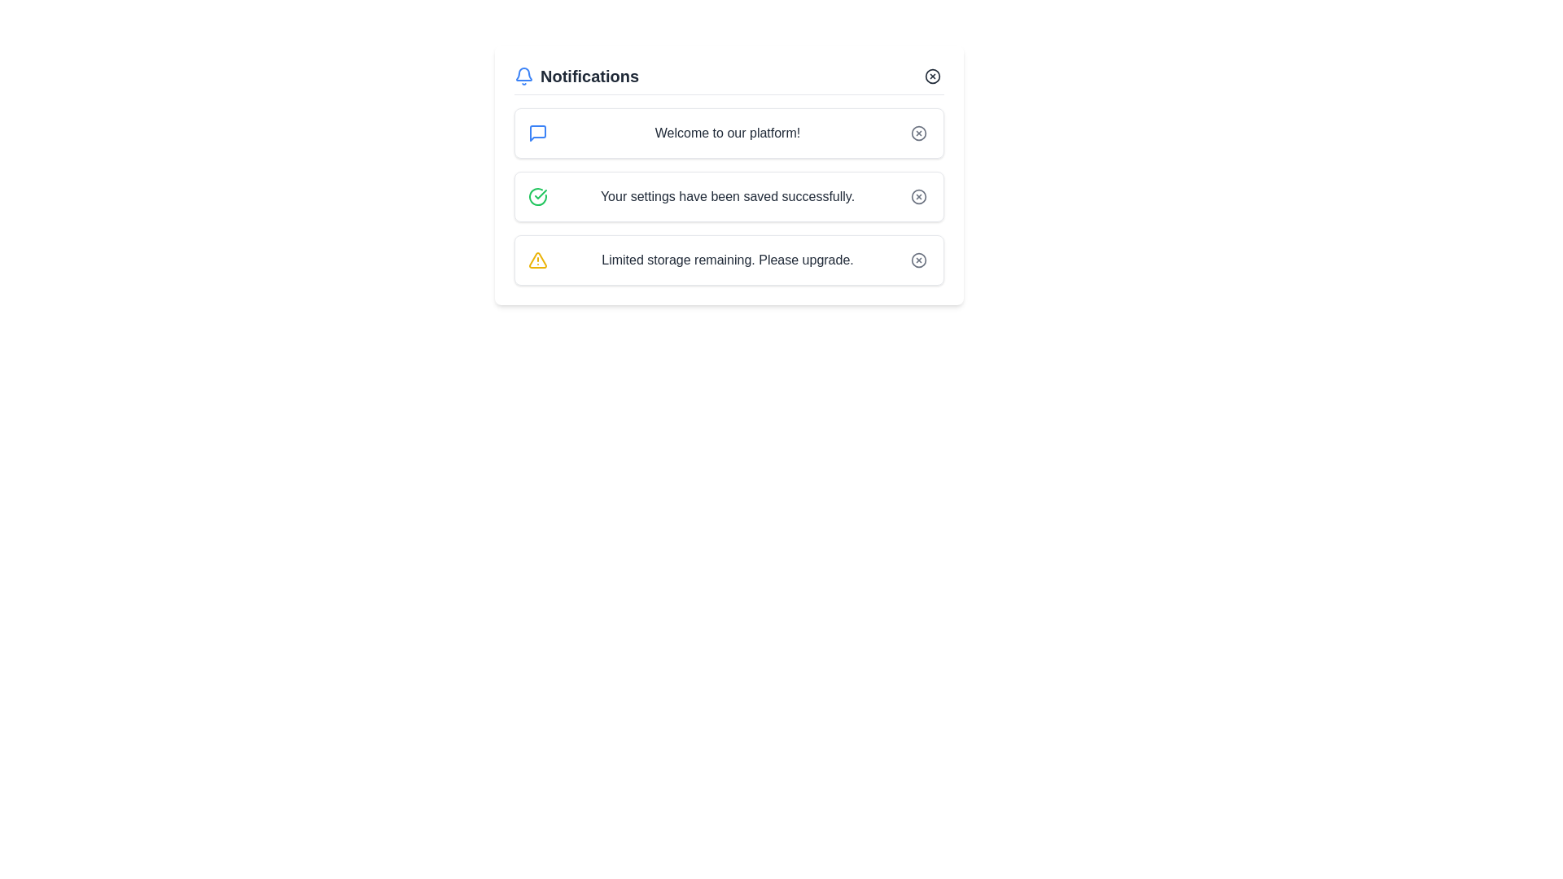 Image resolution: width=1563 pixels, height=879 pixels. I want to click on the warning icon located at the top-left corner of the notification card indicating 'Limited storage remaining. Please upgrade.', so click(538, 260).